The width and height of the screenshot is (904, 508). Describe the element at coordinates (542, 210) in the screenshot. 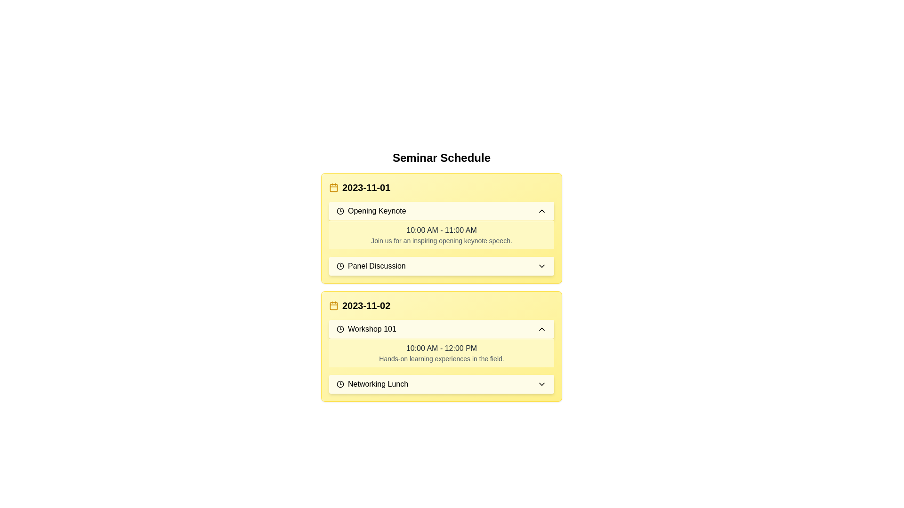

I see `the chevron button on the right end of the 'Opening Keynote' bar` at that location.